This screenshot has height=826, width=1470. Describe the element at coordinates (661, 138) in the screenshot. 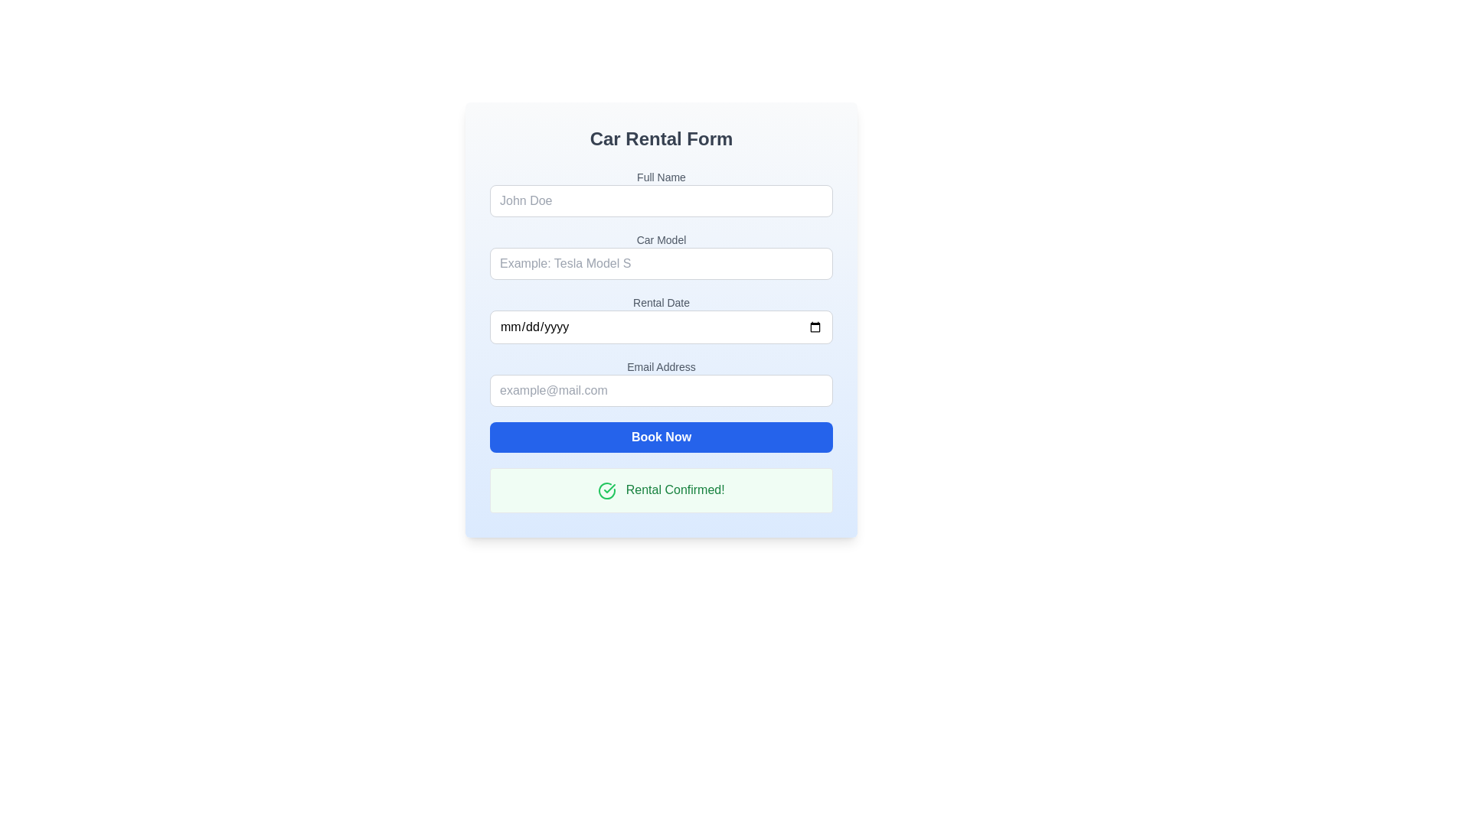

I see `text from the header that displays 'Car Rental Form', which is bold and large, located at the top of the section and centered horizontally` at that location.